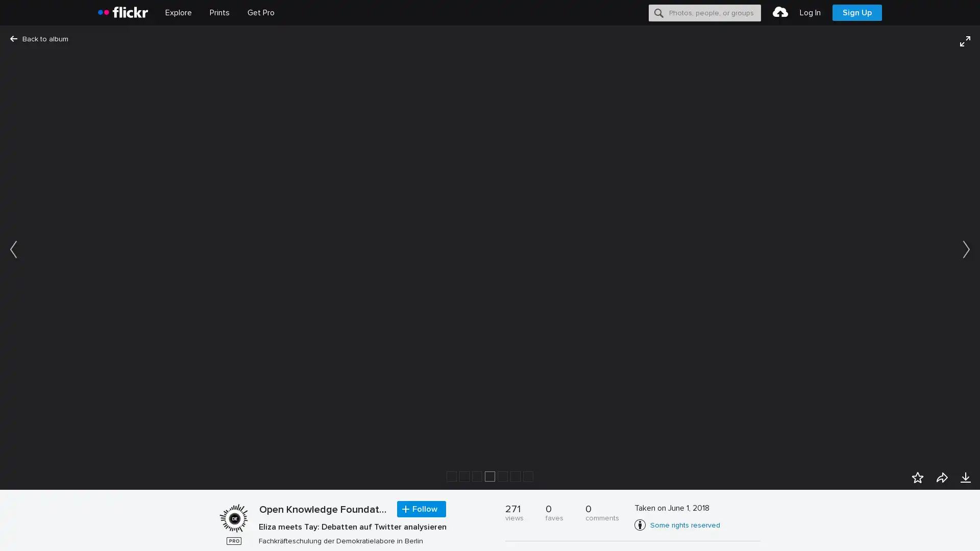  What do you see at coordinates (421, 509) in the screenshot?
I see `Follow` at bounding box center [421, 509].